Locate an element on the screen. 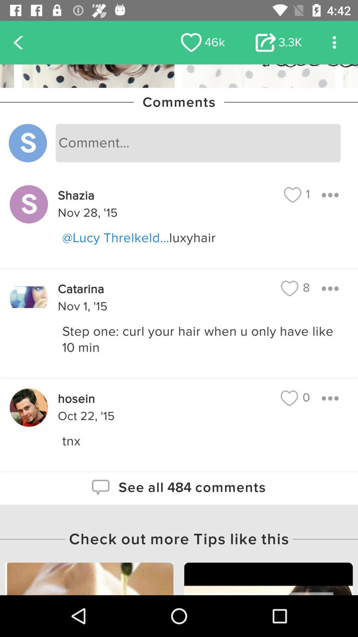 The height and width of the screenshot is (637, 358). open menu is located at coordinates (330, 288).